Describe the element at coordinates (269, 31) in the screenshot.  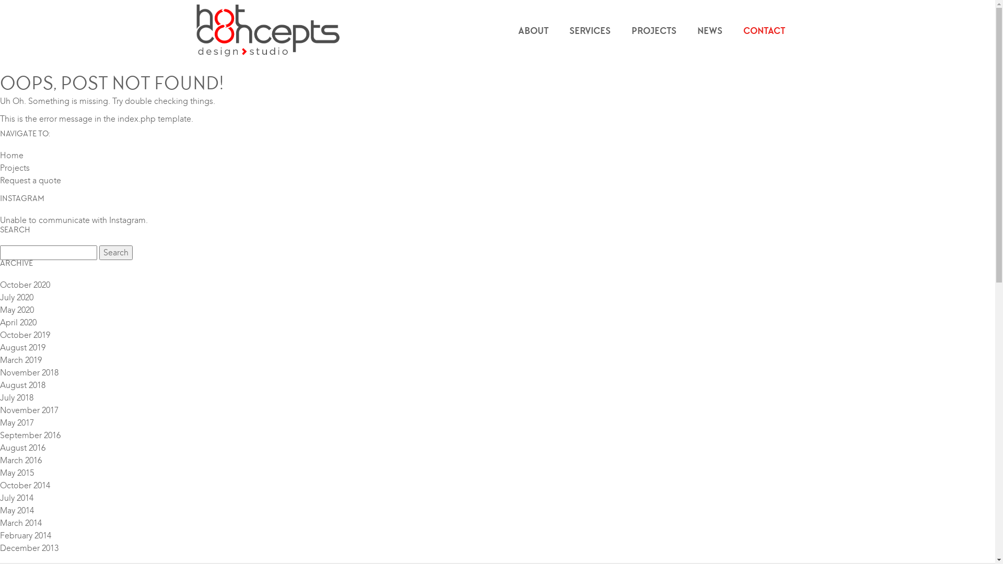
I see `'Hot Concepts Design Studio'` at that location.